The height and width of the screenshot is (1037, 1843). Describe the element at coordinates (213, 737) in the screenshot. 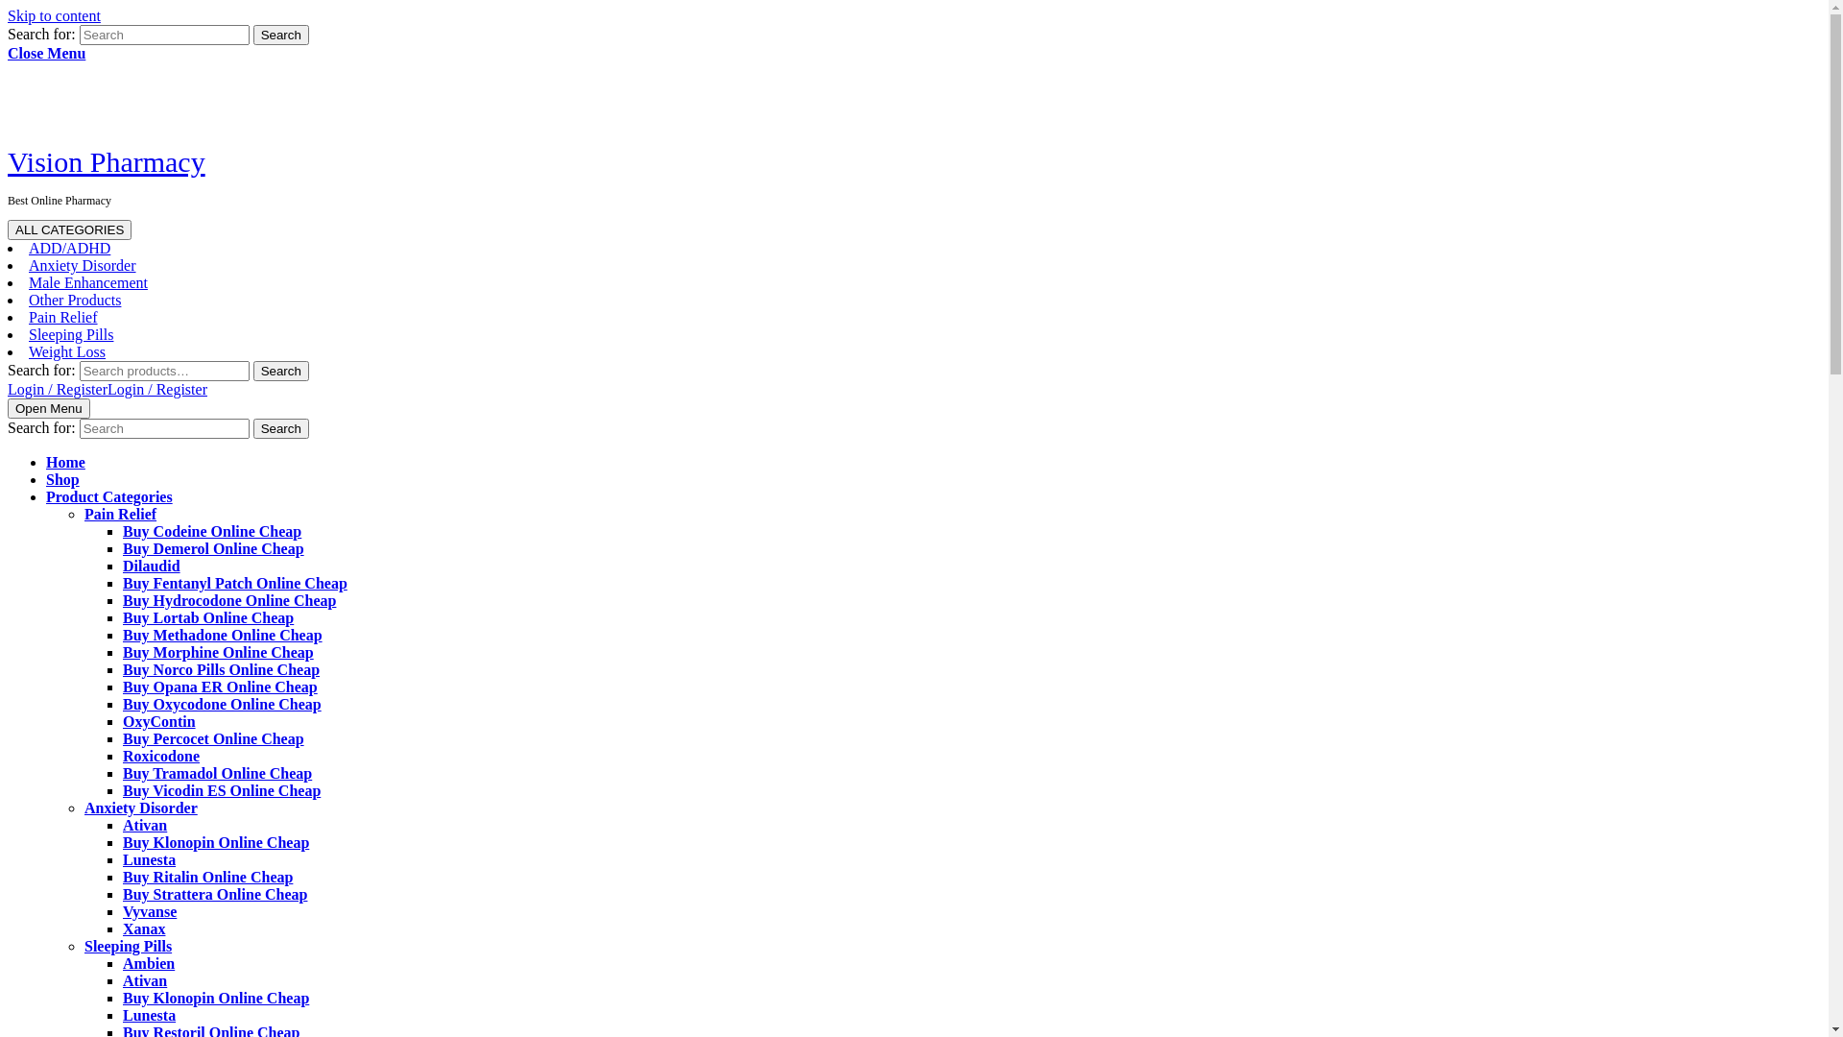

I see `'Buy Percocet Online Cheap'` at that location.